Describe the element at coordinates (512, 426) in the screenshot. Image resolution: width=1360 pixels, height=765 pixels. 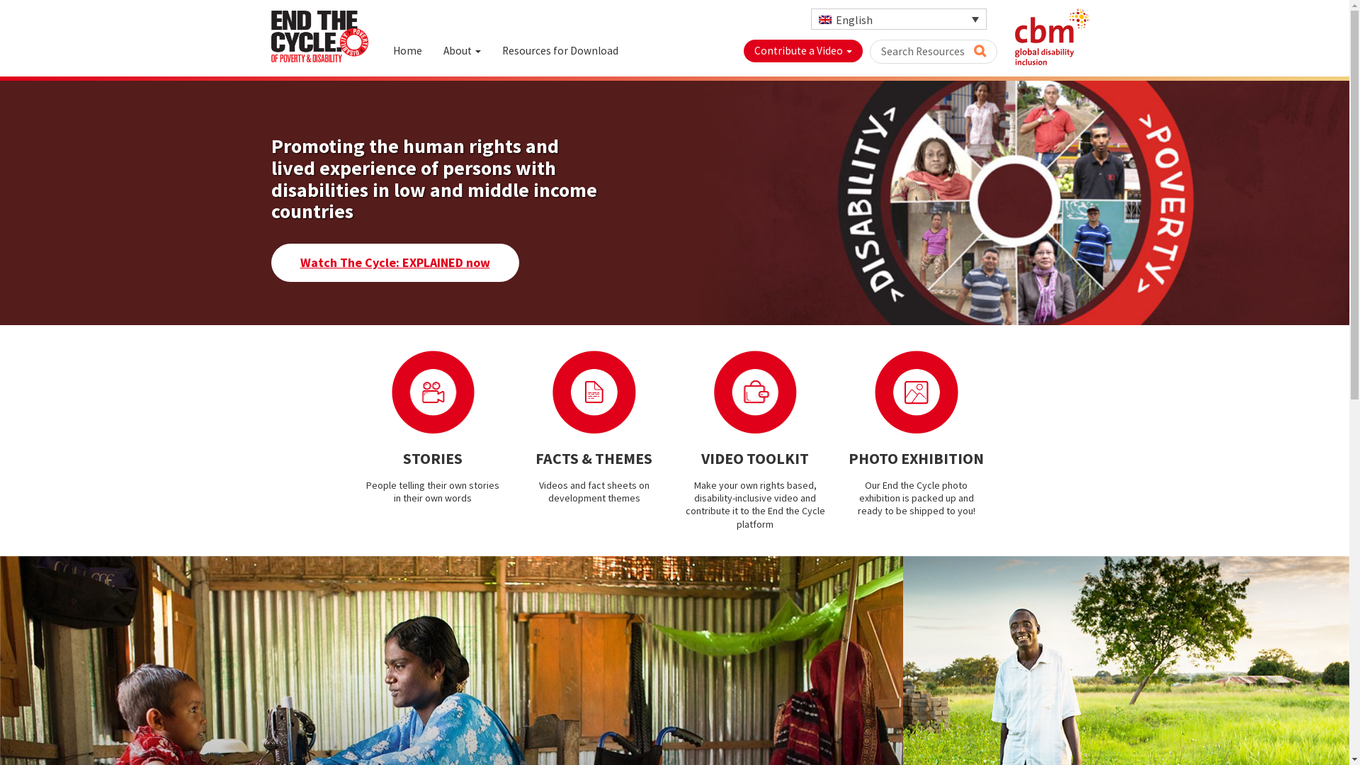
I see `'FACTS & THEMES` at that location.